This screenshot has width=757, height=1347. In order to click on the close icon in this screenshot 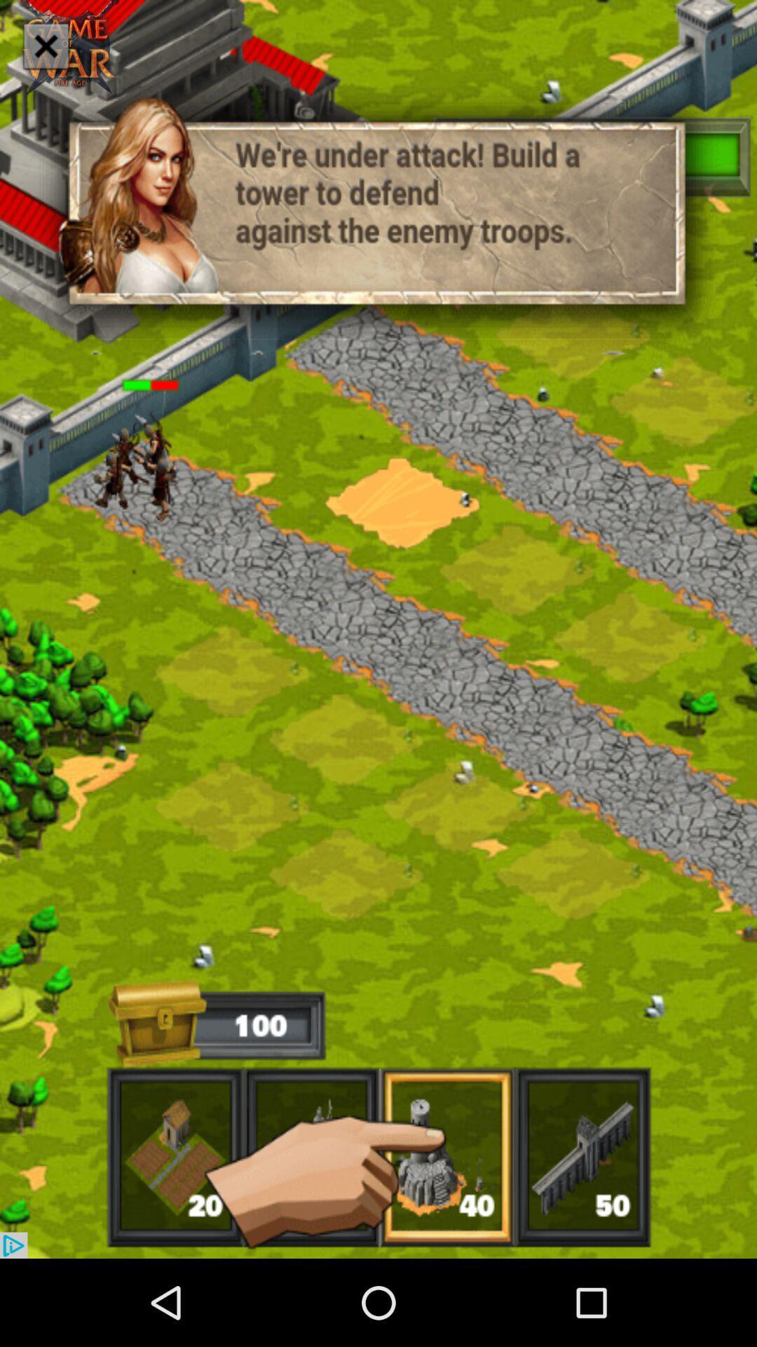, I will do `click(45, 49)`.